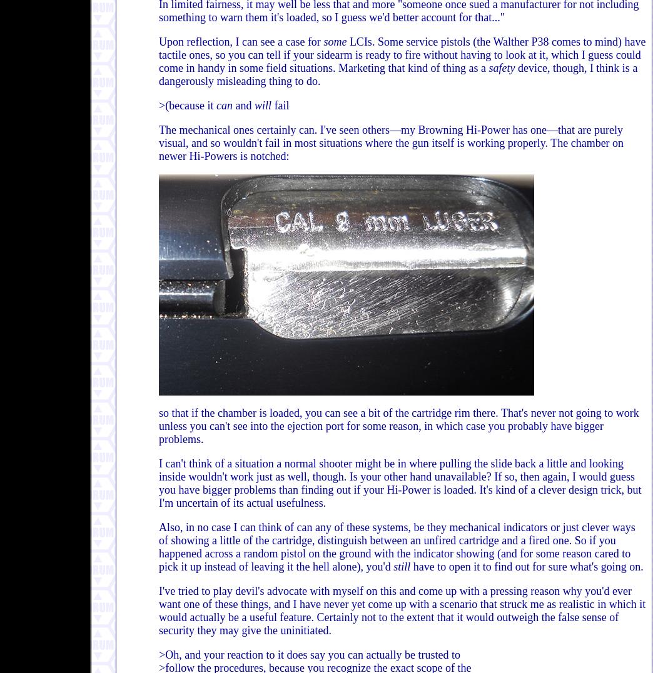 Image resolution: width=653 pixels, height=673 pixels. I want to click on 'so that if the chamber is loaded, you can see a bit of the cartridge rim there.  That's never not going to work unless you can't see into the ejection port for some reason, in which case you probably have bigger problems.', so click(398, 425).